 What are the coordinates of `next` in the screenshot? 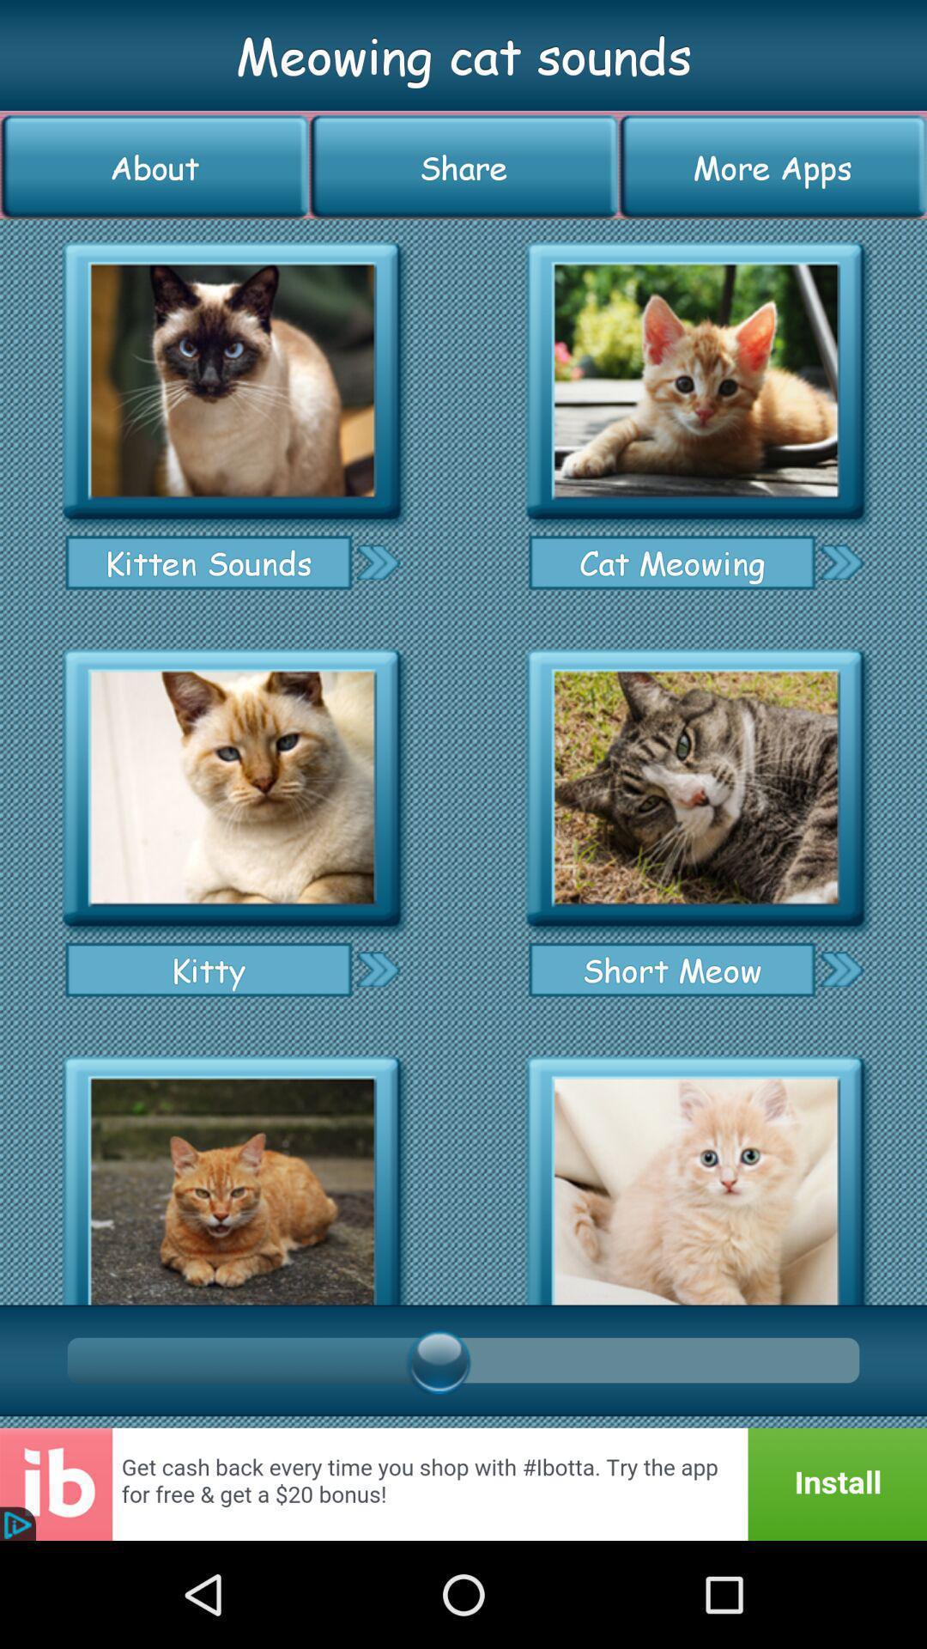 It's located at (377, 969).